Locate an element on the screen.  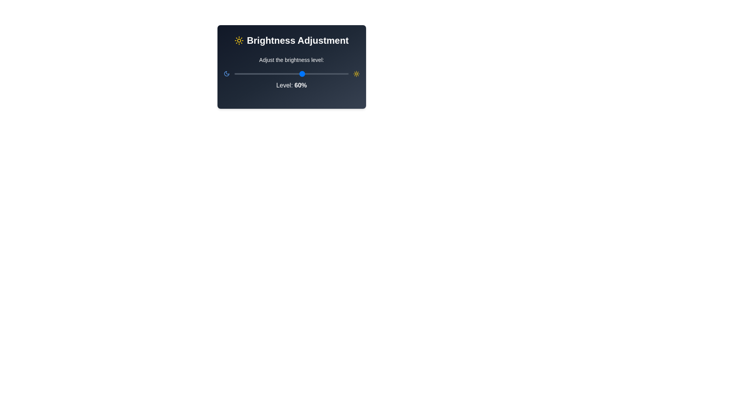
brightness level is located at coordinates (327, 74).